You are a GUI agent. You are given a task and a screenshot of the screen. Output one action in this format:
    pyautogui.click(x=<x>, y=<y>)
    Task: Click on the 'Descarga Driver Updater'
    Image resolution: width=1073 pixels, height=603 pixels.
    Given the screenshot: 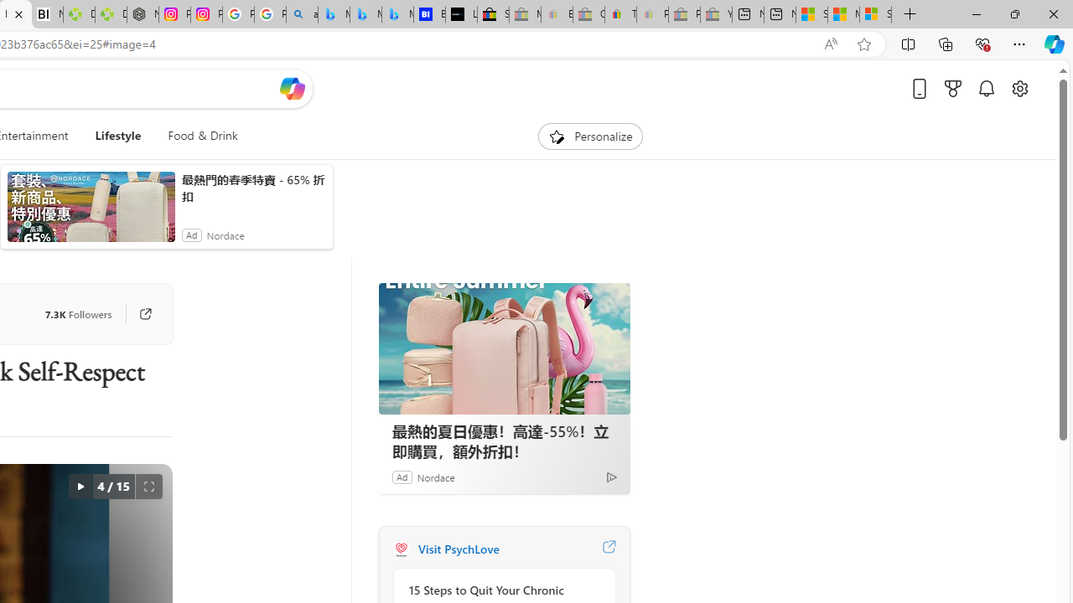 What is the action you would take?
    pyautogui.click(x=110, y=14)
    